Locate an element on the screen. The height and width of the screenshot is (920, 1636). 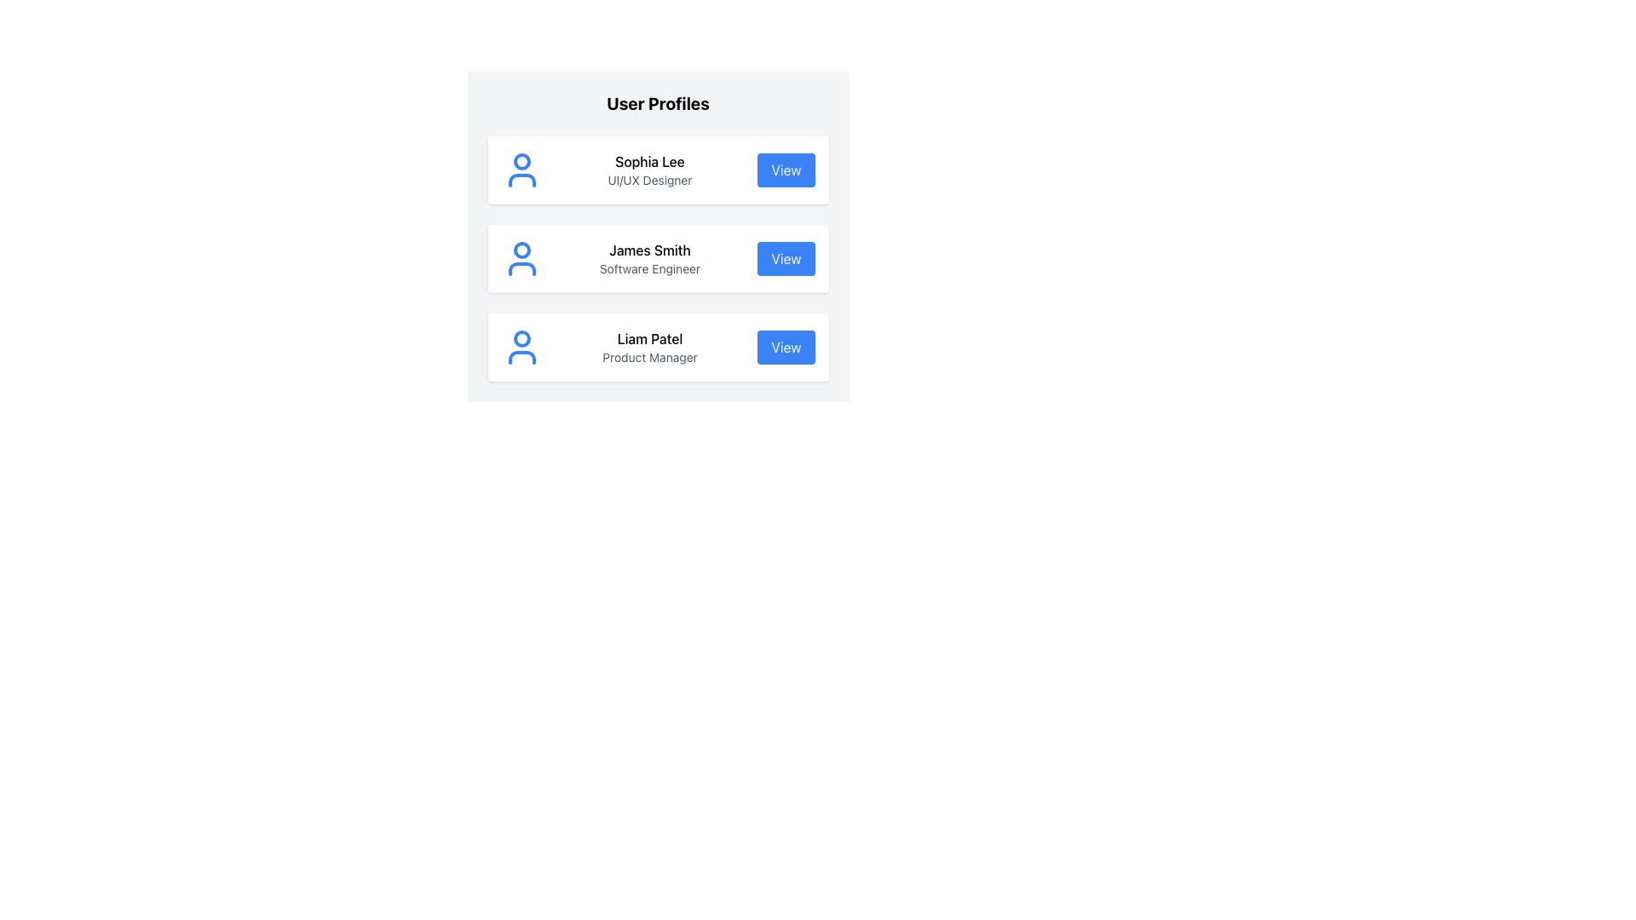
the lower part of the user icon representing 'James Smith' in the user profile list is located at coordinates (521, 268).